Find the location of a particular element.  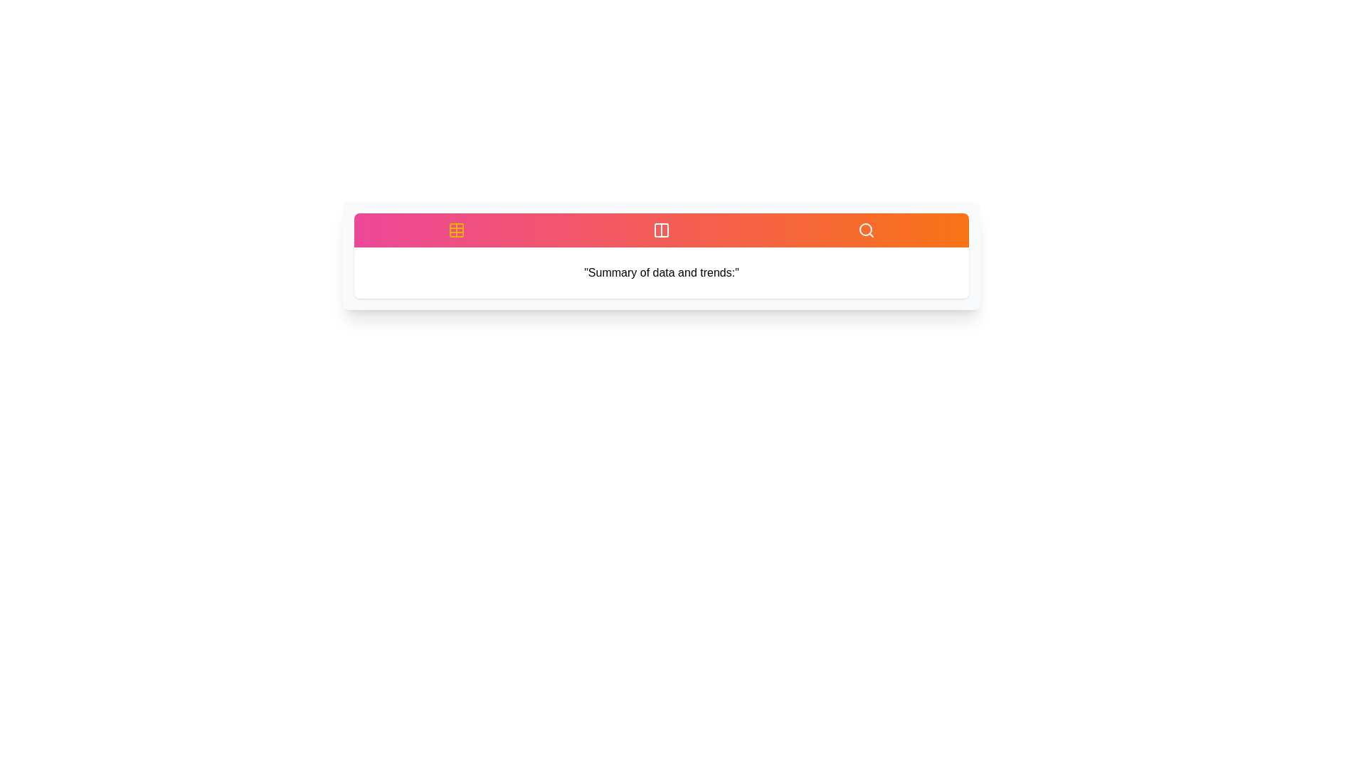

the tab with the ID search is located at coordinates (866, 230).